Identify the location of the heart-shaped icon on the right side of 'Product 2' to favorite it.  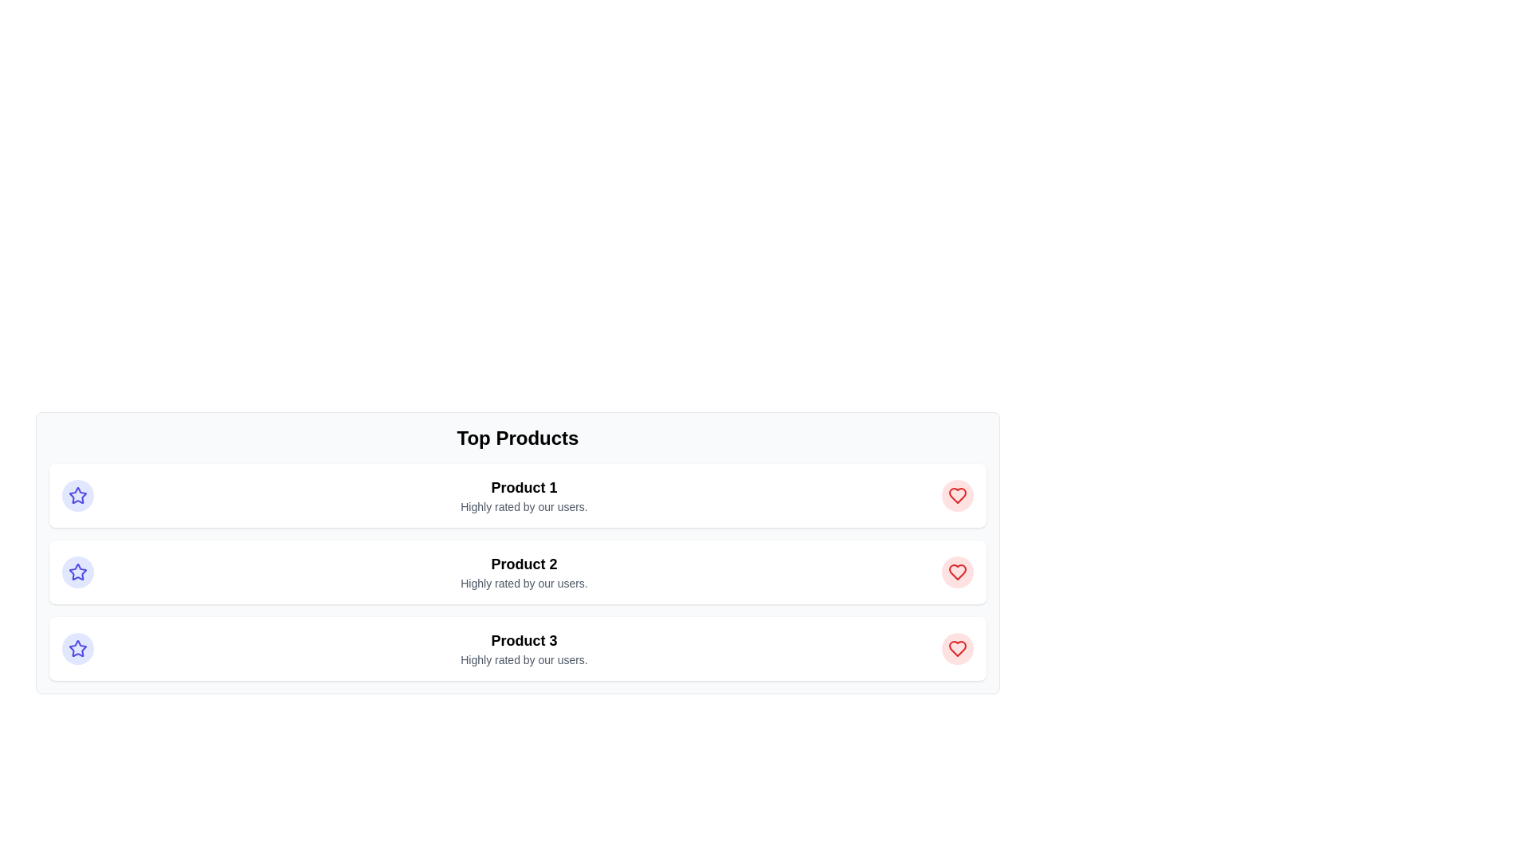
(956, 571).